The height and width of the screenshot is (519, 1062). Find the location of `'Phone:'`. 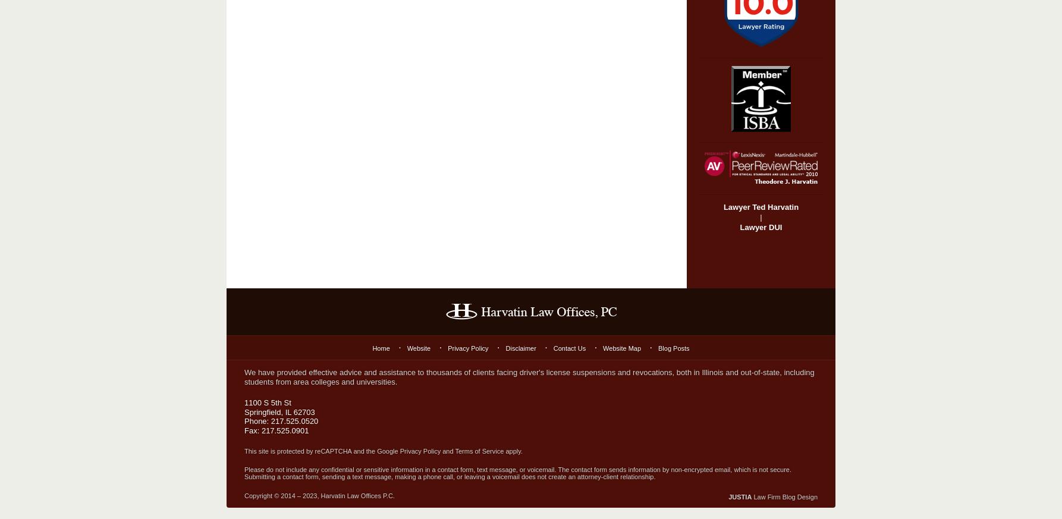

'Phone:' is located at coordinates (257, 420).